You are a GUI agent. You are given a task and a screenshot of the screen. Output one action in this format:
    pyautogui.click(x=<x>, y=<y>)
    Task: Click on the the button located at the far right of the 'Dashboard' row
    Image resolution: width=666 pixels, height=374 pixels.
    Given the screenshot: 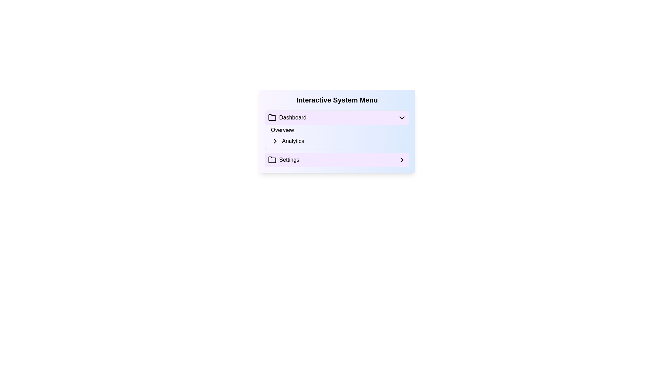 What is the action you would take?
    pyautogui.click(x=402, y=117)
    